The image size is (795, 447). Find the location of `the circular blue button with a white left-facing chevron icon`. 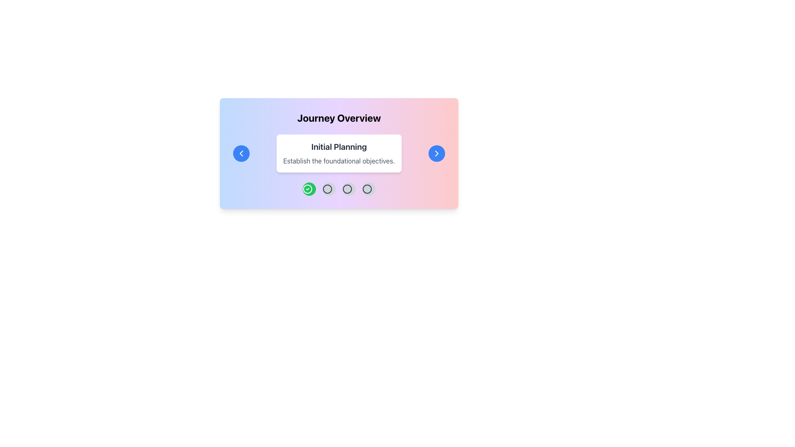

the circular blue button with a white left-facing chevron icon is located at coordinates (241, 153).